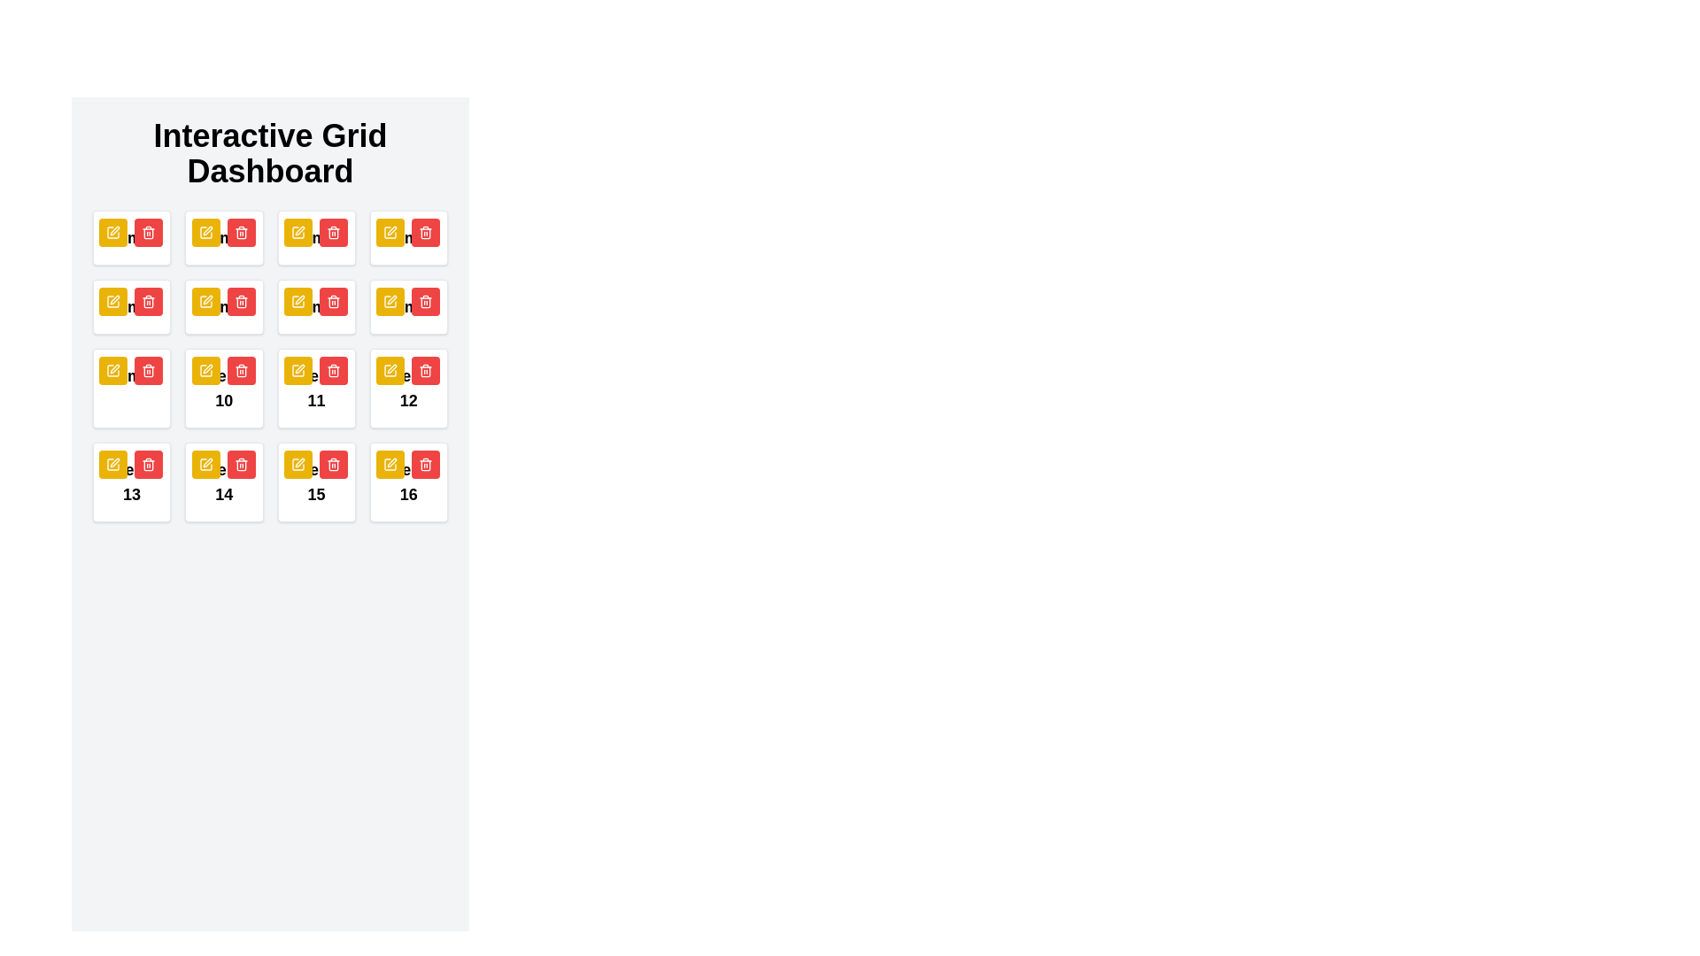 The height and width of the screenshot is (956, 1700). Describe the element at coordinates (390, 300) in the screenshot. I see `the yellow pen icon in the first column of the third row` at that location.